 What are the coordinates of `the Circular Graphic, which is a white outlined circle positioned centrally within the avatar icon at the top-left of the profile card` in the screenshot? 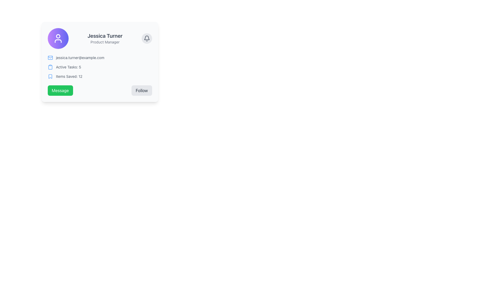 It's located at (58, 36).